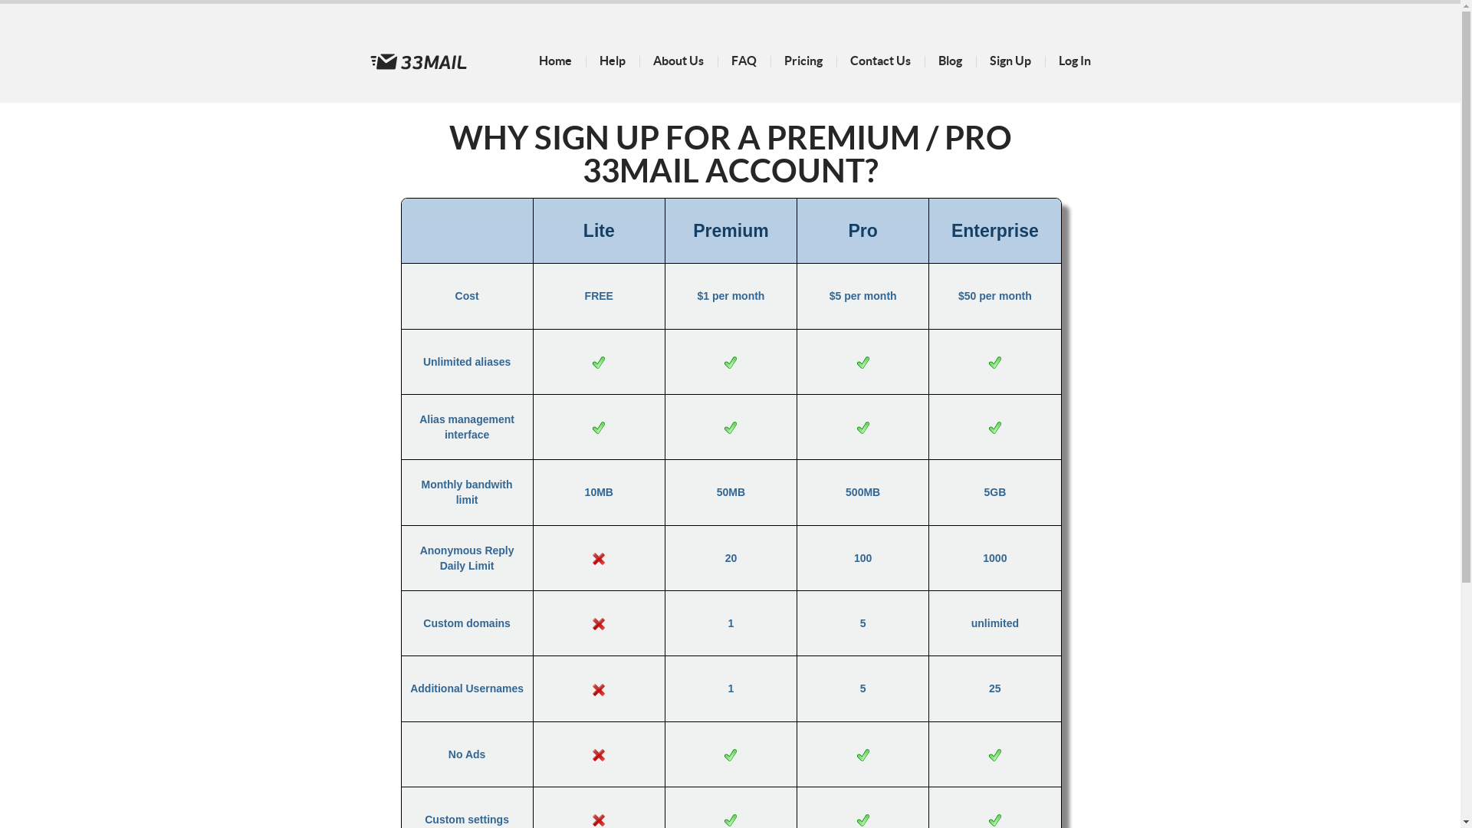  What do you see at coordinates (554, 59) in the screenshot?
I see `'Home'` at bounding box center [554, 59].